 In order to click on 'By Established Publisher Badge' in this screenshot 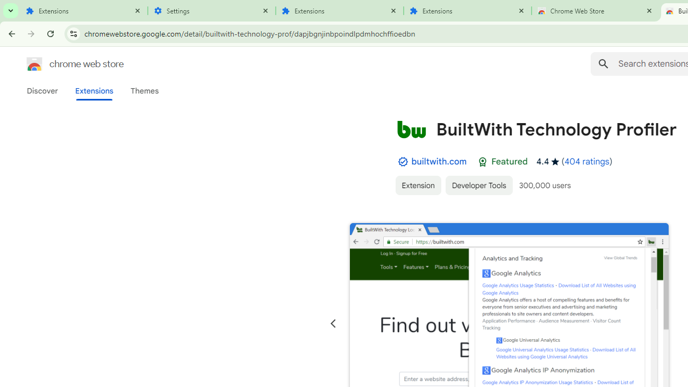, I will do `click(402, 162)`.